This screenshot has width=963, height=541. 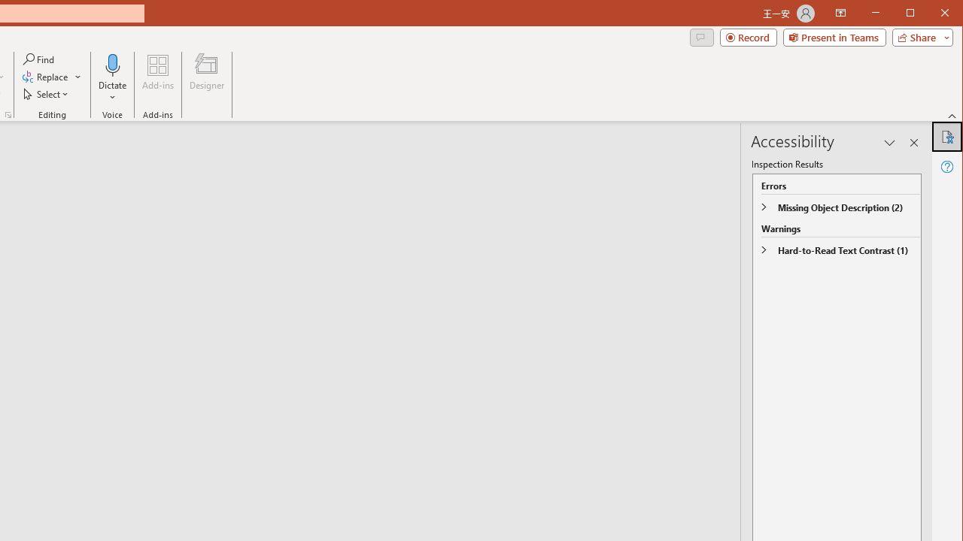 What do you see at coordinates (840, 14) in the screenshot?
I see `'Ribbon Display Options'` at bounding box center [840, 14].